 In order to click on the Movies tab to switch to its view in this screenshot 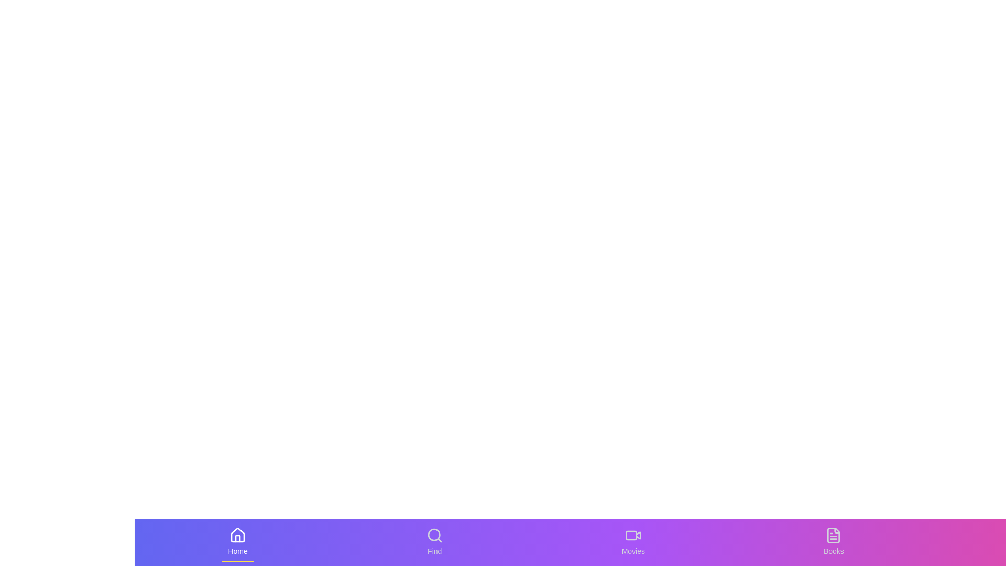, I will do `click(633, 542)`.